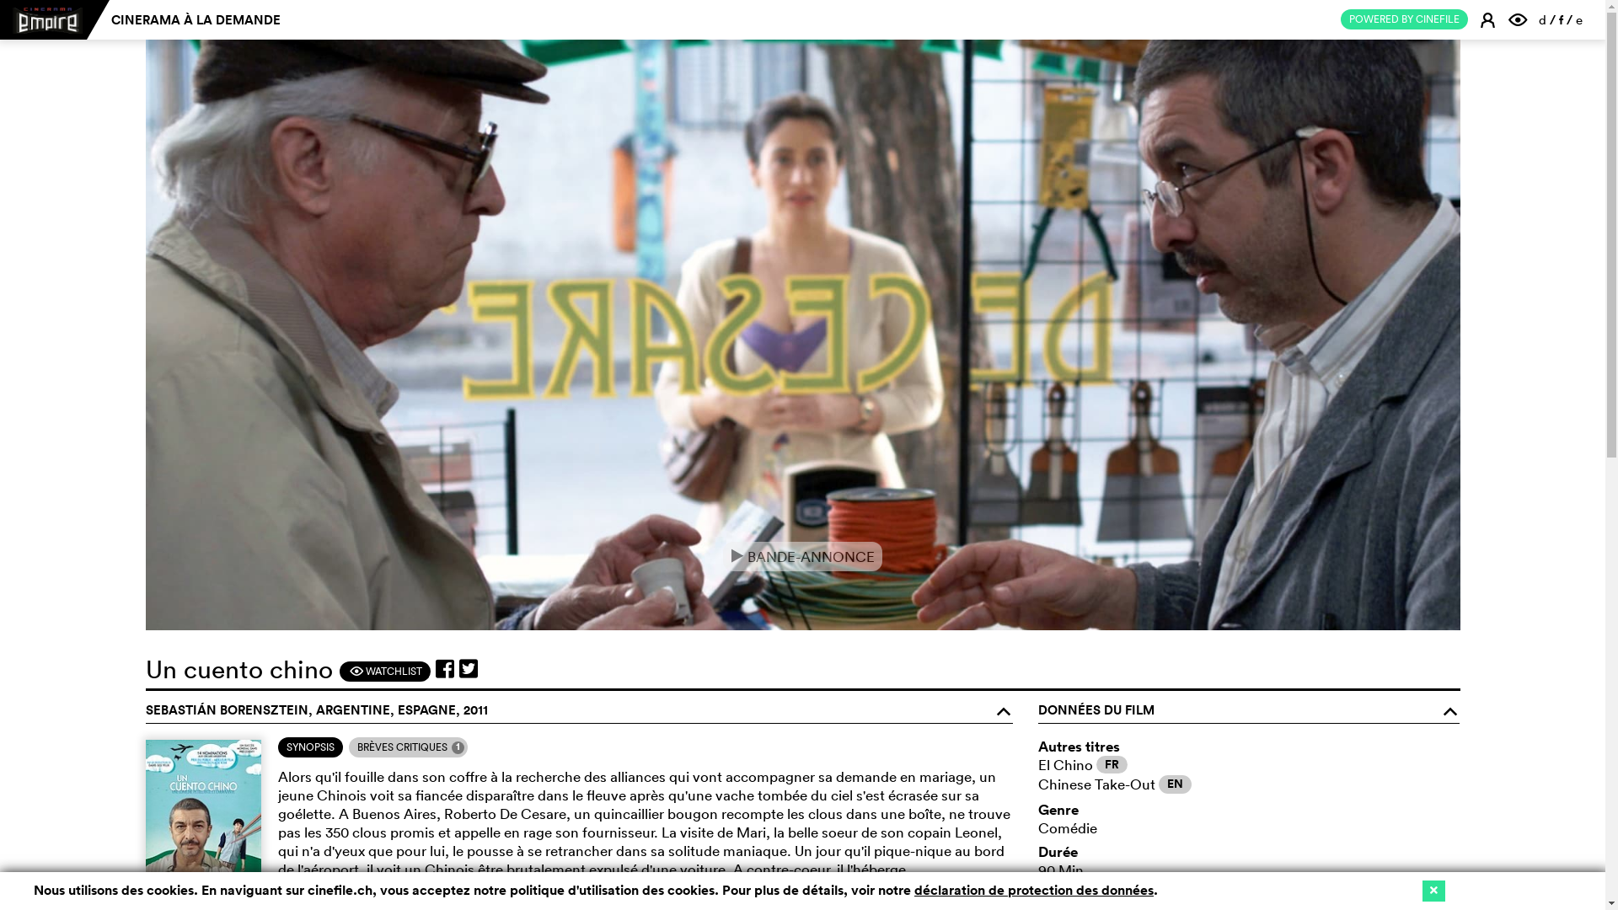  Describe the element at coordinates (723, 556) in the screenshot. I see `'e BANDE-ANNONCE'` at that location.